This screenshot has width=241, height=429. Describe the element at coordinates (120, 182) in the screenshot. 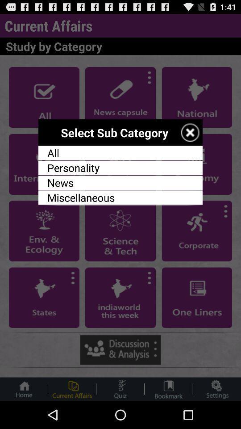

I see `icon above the miscellaneous icon` at that location.